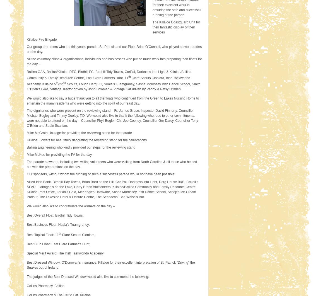  Describe the element at coordinates (81, 147) in the screenshot. I see `'Ballina Engineering who kindly provided our steps for the reviewing stand'` at that location.